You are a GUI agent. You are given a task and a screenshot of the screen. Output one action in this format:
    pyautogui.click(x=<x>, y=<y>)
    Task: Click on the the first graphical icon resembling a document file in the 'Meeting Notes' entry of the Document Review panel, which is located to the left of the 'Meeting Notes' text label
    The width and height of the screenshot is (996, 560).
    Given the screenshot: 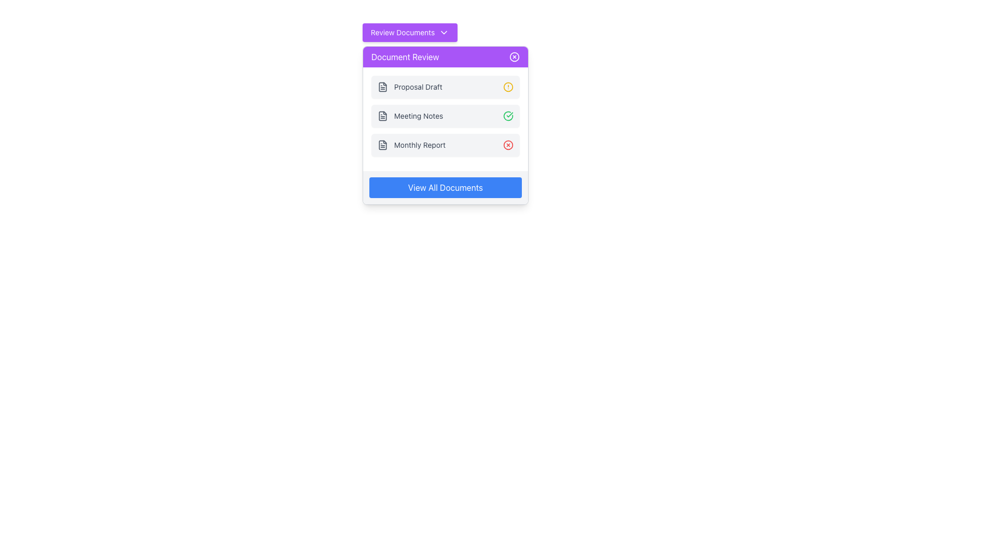 What is the action you would take?
    pyautogui.click(x=382, y=116)
    